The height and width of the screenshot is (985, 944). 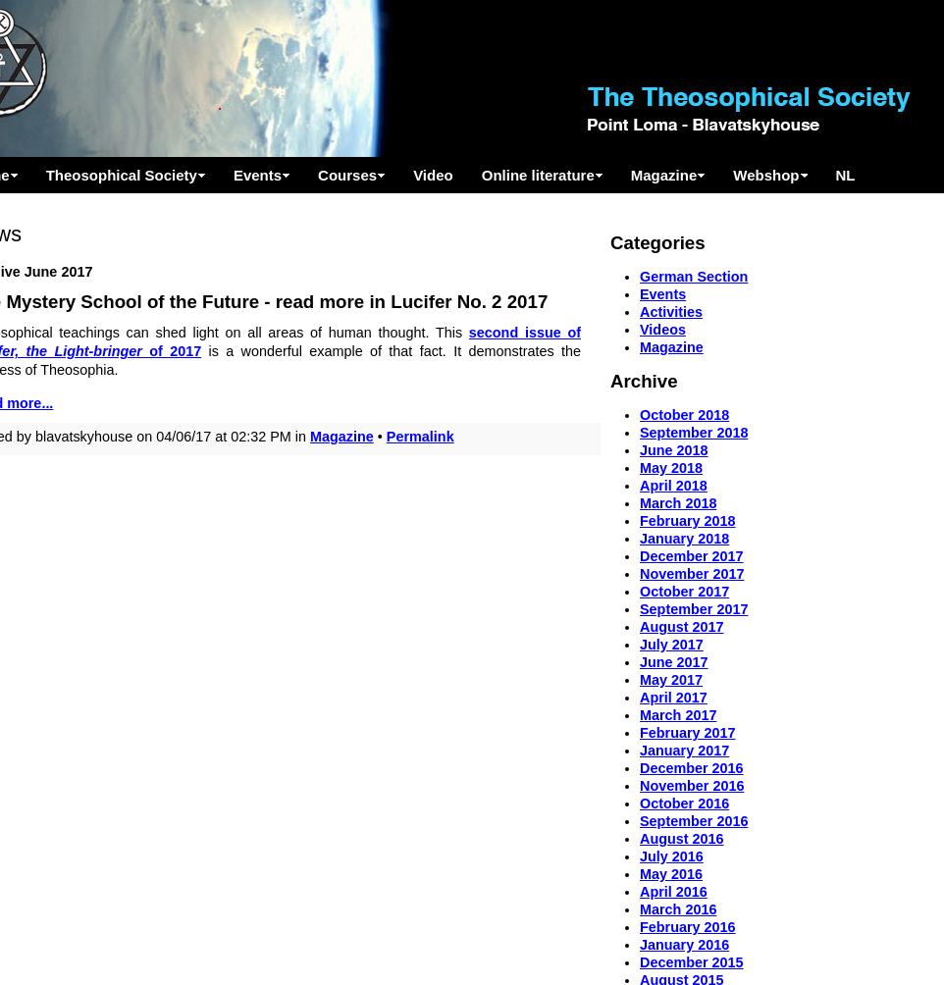 What do you see at coordinates (690, 555) in the screenshot?
I see `'December 2017'` at bounding box center [690, 555].